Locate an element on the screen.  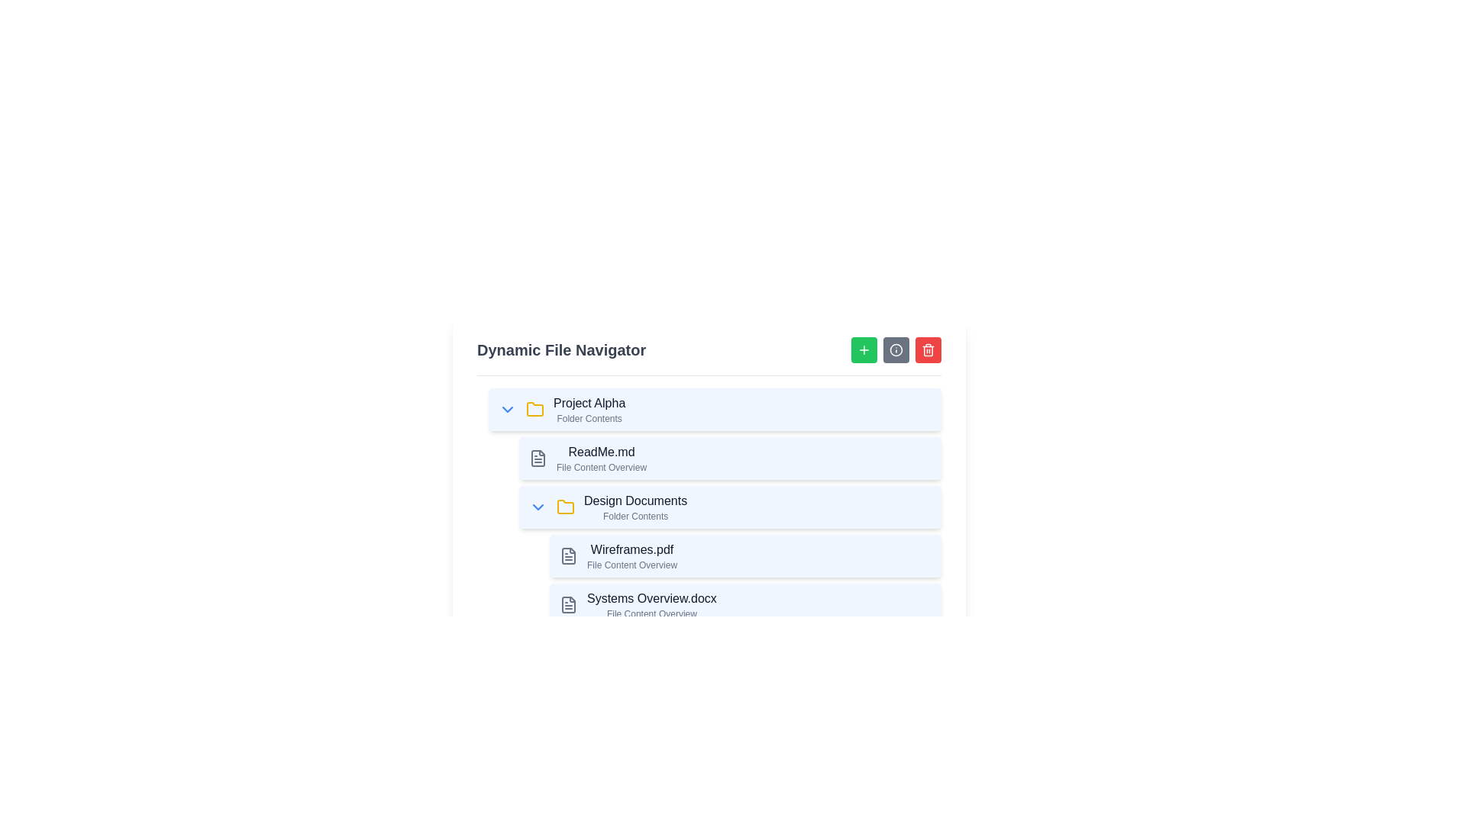
the document icon representing 'Wireframes.pdf' is located at coordinates (567, 556).